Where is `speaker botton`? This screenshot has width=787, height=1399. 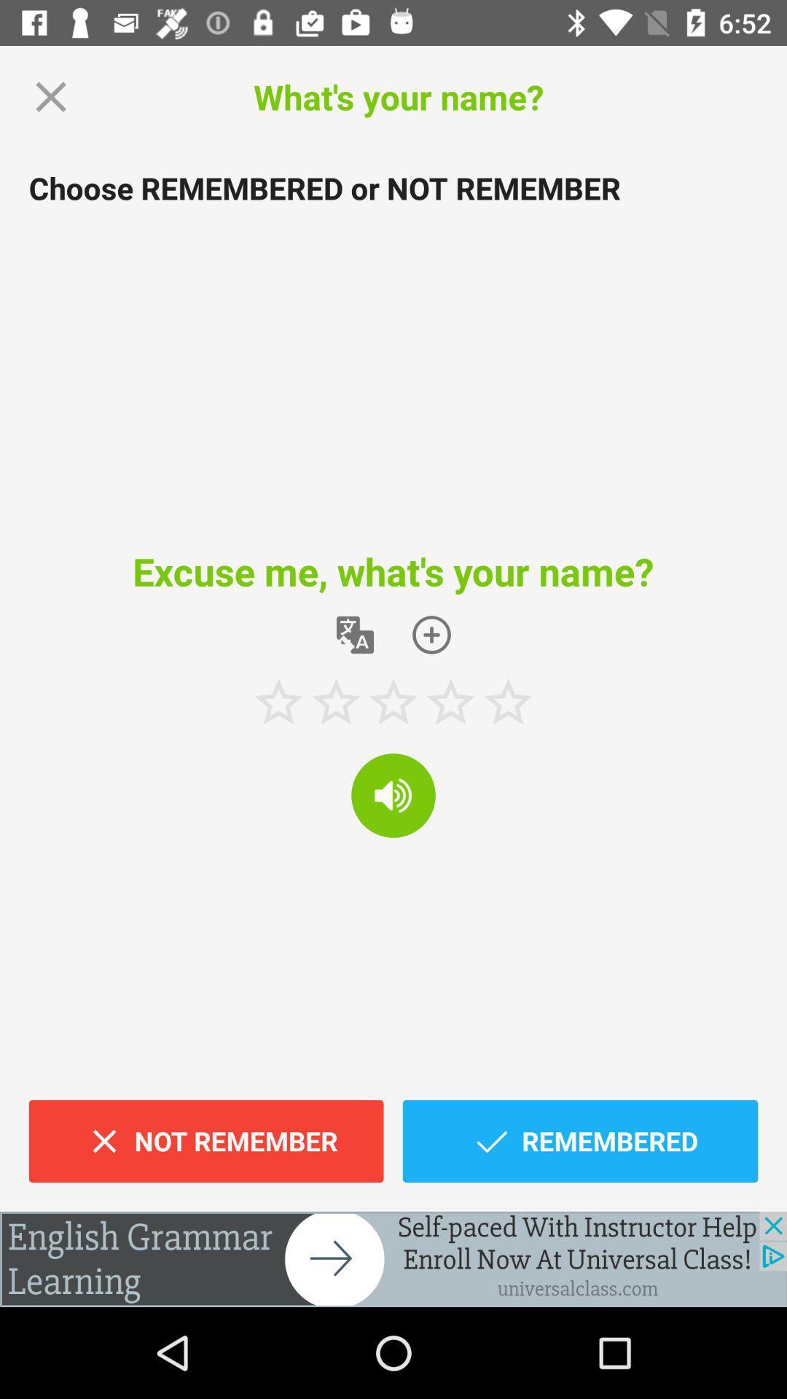 speaker botton is located at coordinates (393, 794).